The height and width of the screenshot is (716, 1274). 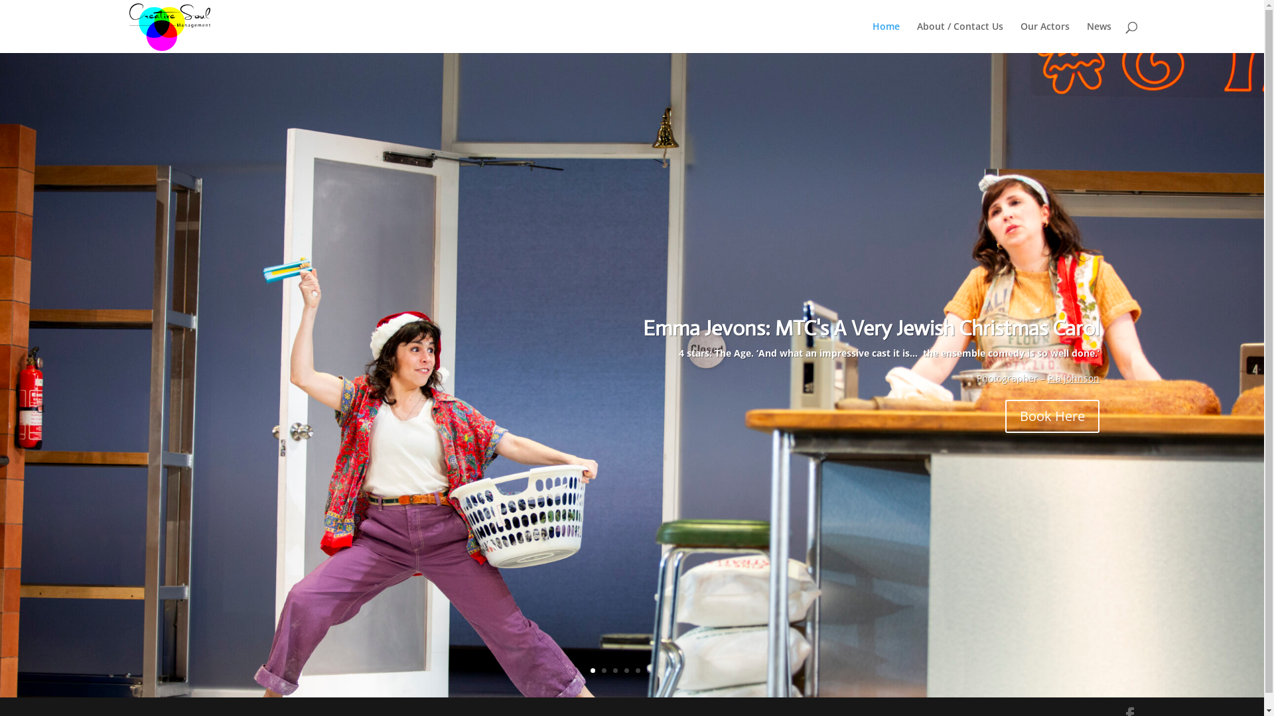 I want to click on '4', so click(x=625, y=670).